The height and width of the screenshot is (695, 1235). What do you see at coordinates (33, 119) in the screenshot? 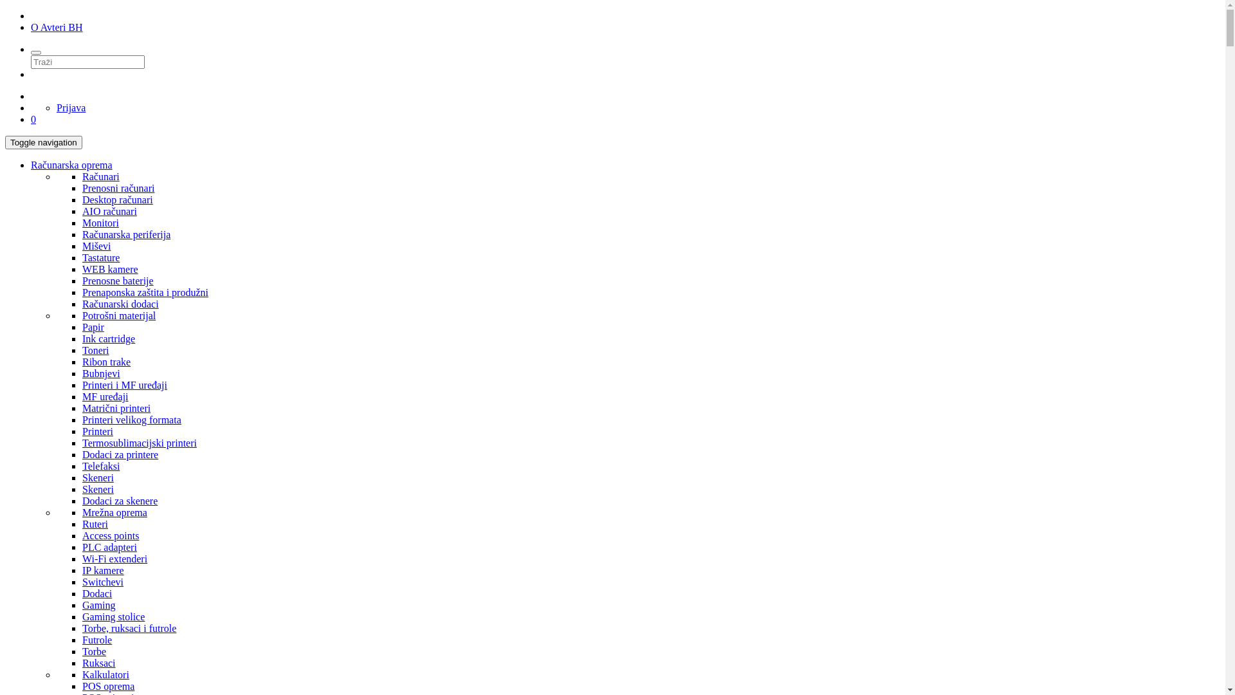
I see `'0'` at bounding box center [33, 119].